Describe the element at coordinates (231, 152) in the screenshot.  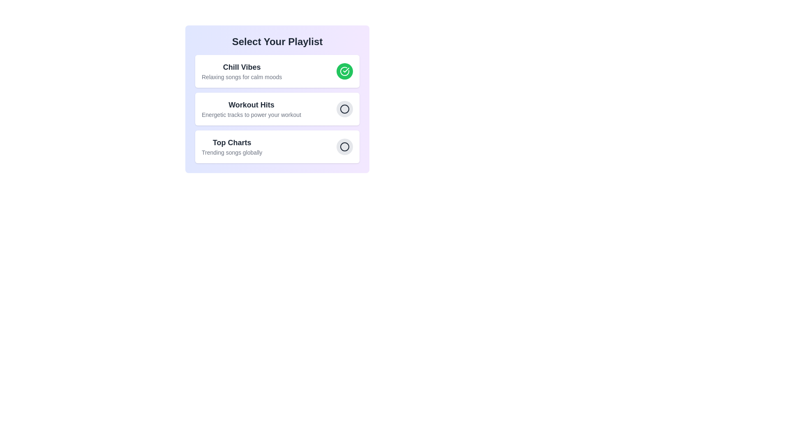
I see `the description of the playlist Top Charts` at that location.